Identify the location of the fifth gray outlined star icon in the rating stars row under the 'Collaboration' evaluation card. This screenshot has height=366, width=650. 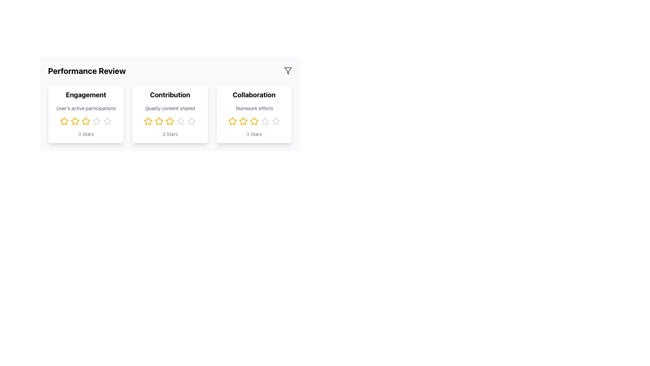
(264, 121).